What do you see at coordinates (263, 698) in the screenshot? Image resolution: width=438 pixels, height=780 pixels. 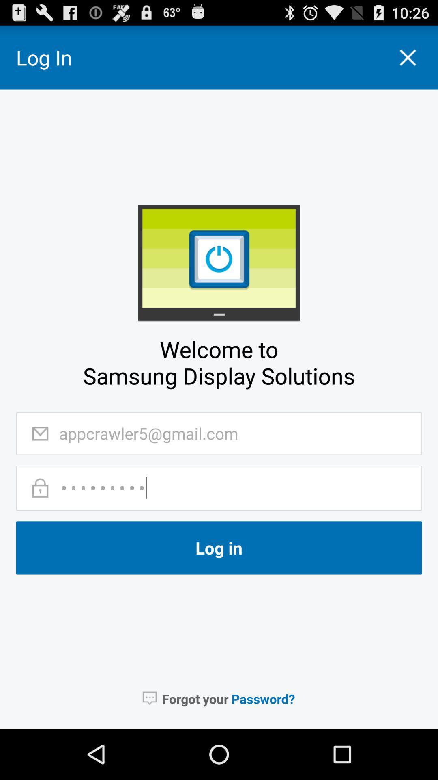 I see `blue text at bottom` at bounding box center [263, 698].